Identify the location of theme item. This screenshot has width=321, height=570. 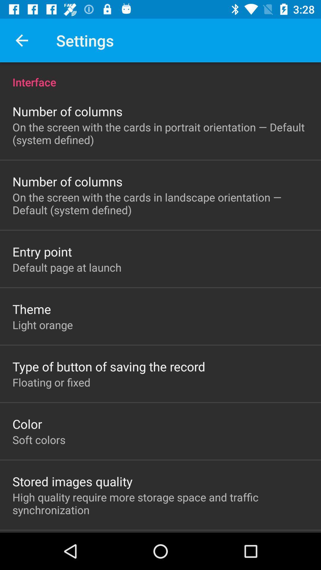
(32, 309).